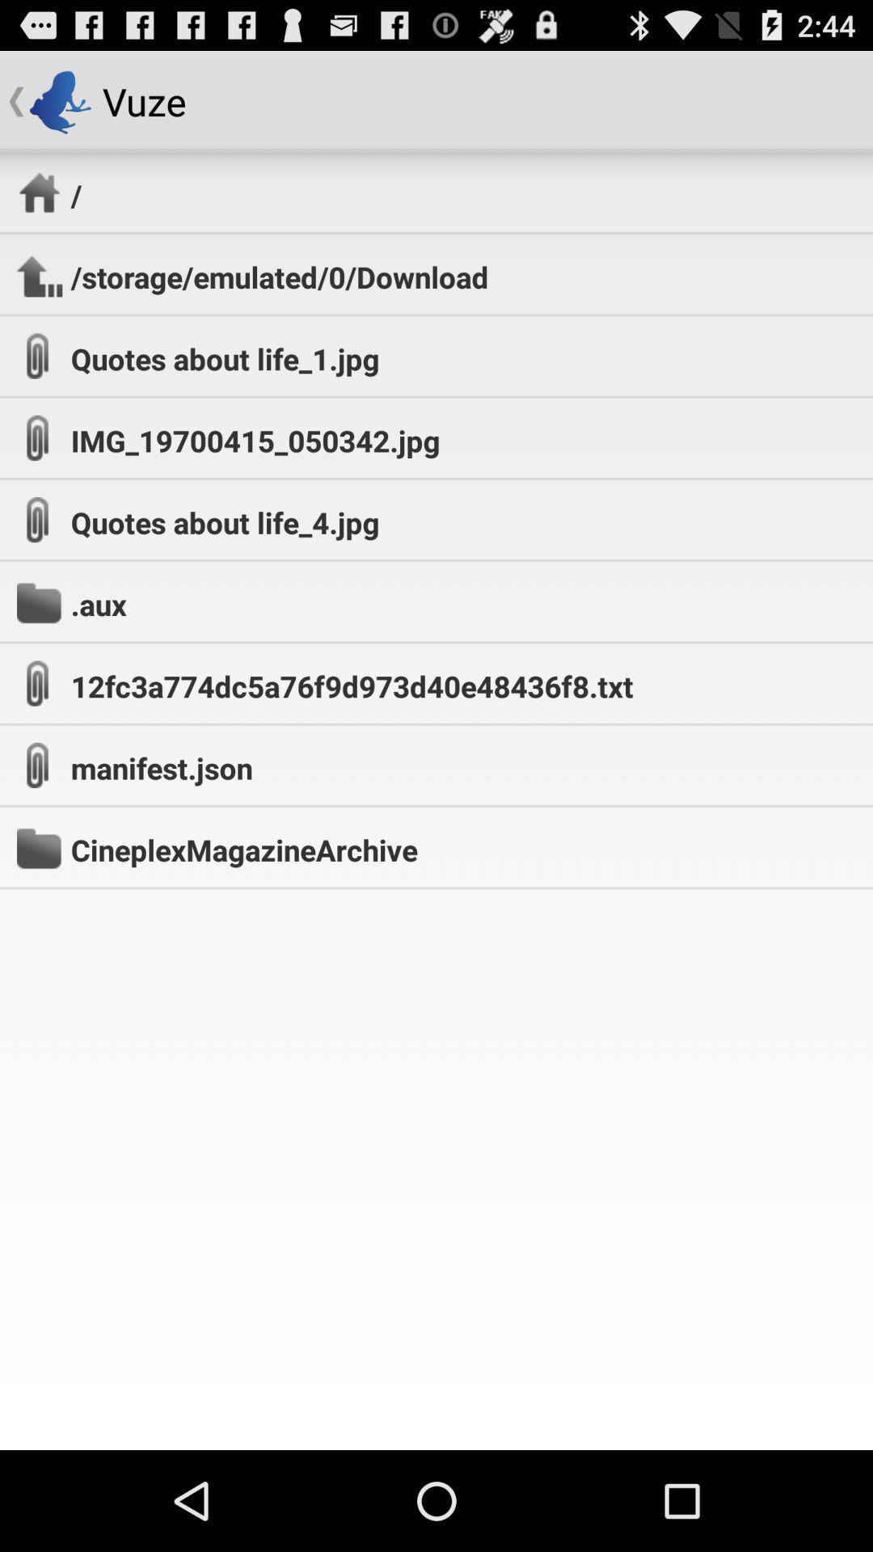 This screenshot has height=1552, width=873. Describe the element at coordinates (255, 441) in the screenshot. I see `the img_19700415_050342.jpg app` at that location.